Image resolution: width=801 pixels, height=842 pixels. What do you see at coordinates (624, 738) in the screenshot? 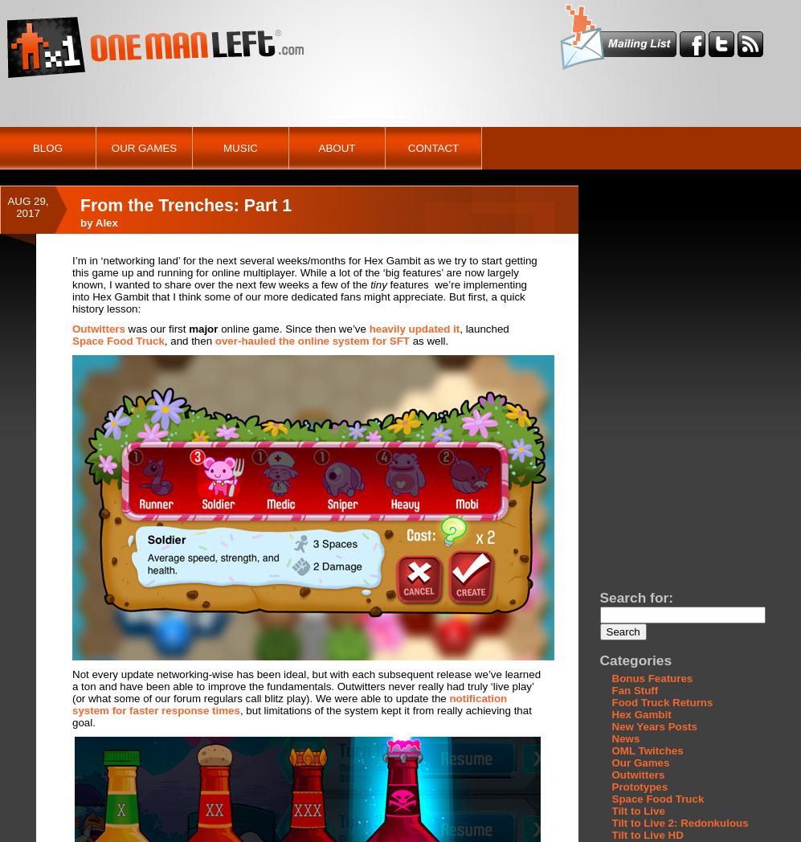
I see `'News'` at bounding box center [624, 738].